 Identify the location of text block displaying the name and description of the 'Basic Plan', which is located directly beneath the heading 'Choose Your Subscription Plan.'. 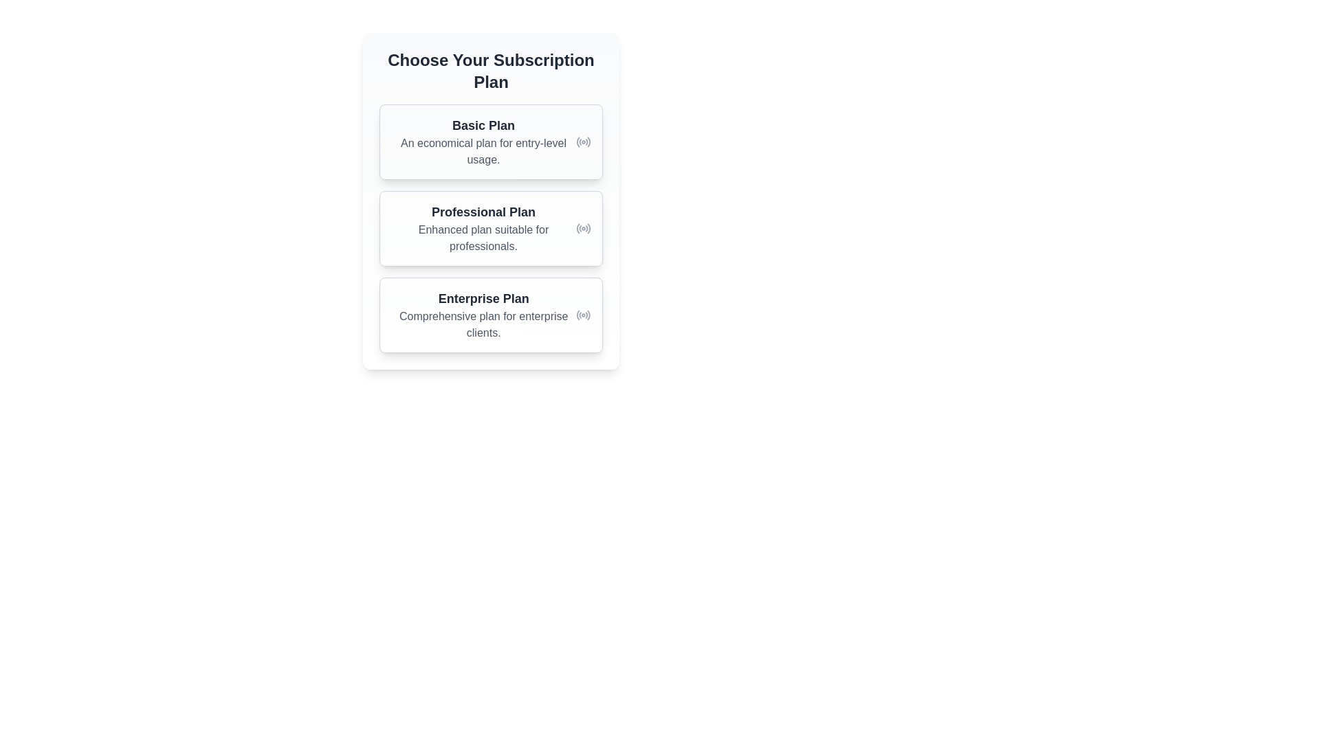
(483, 142).